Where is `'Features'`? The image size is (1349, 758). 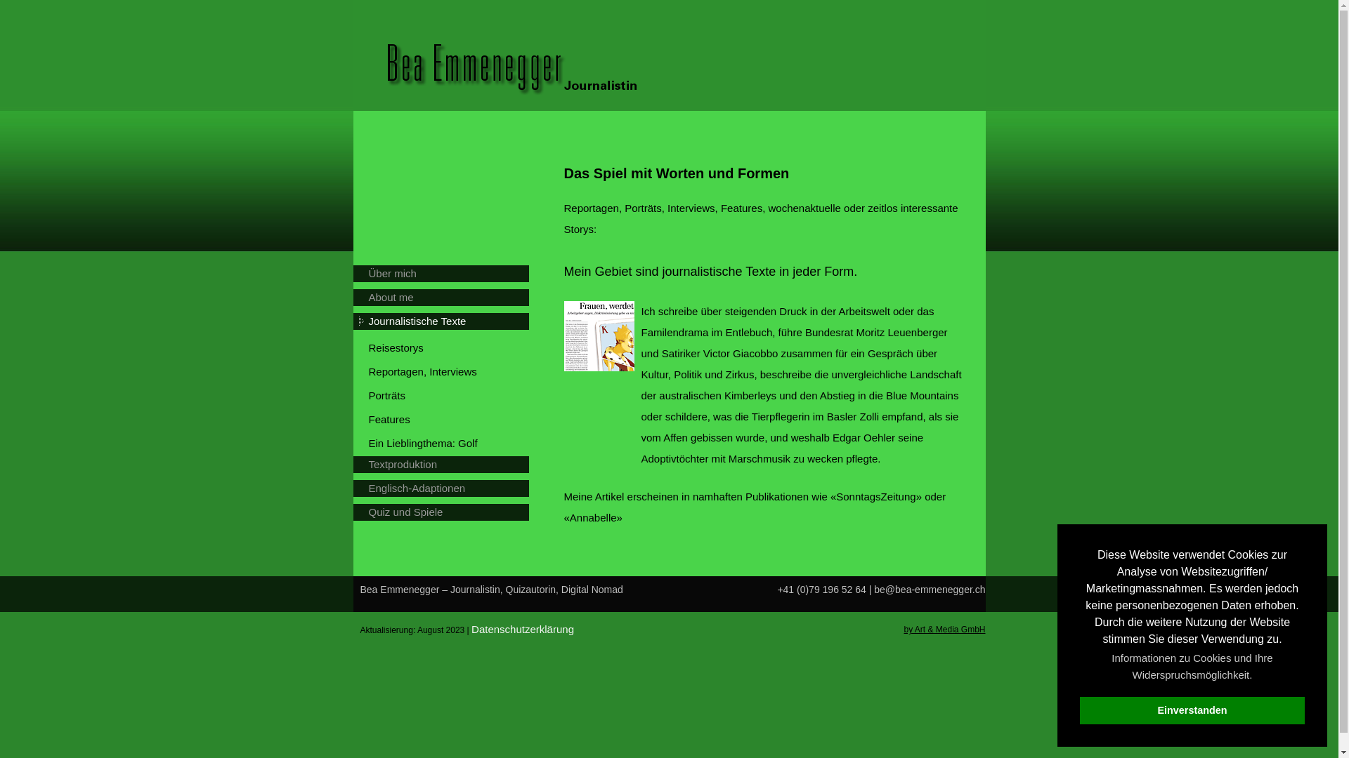
'Features' is located at coordinates (448, 418).